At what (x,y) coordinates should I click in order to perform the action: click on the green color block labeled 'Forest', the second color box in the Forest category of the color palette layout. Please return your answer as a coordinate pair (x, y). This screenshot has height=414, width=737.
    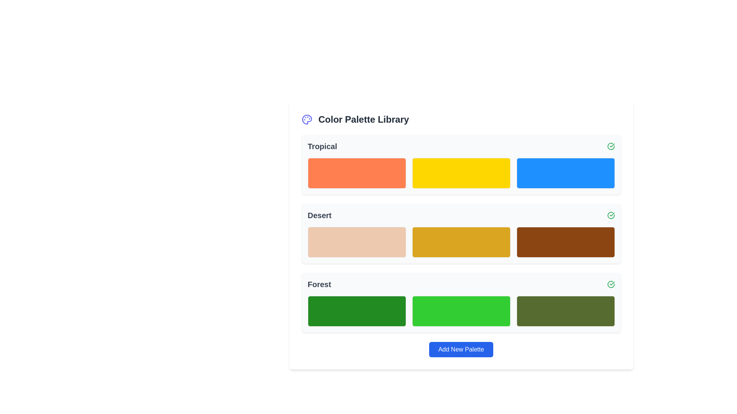
    Looking at the image, I should click on (461, 302).